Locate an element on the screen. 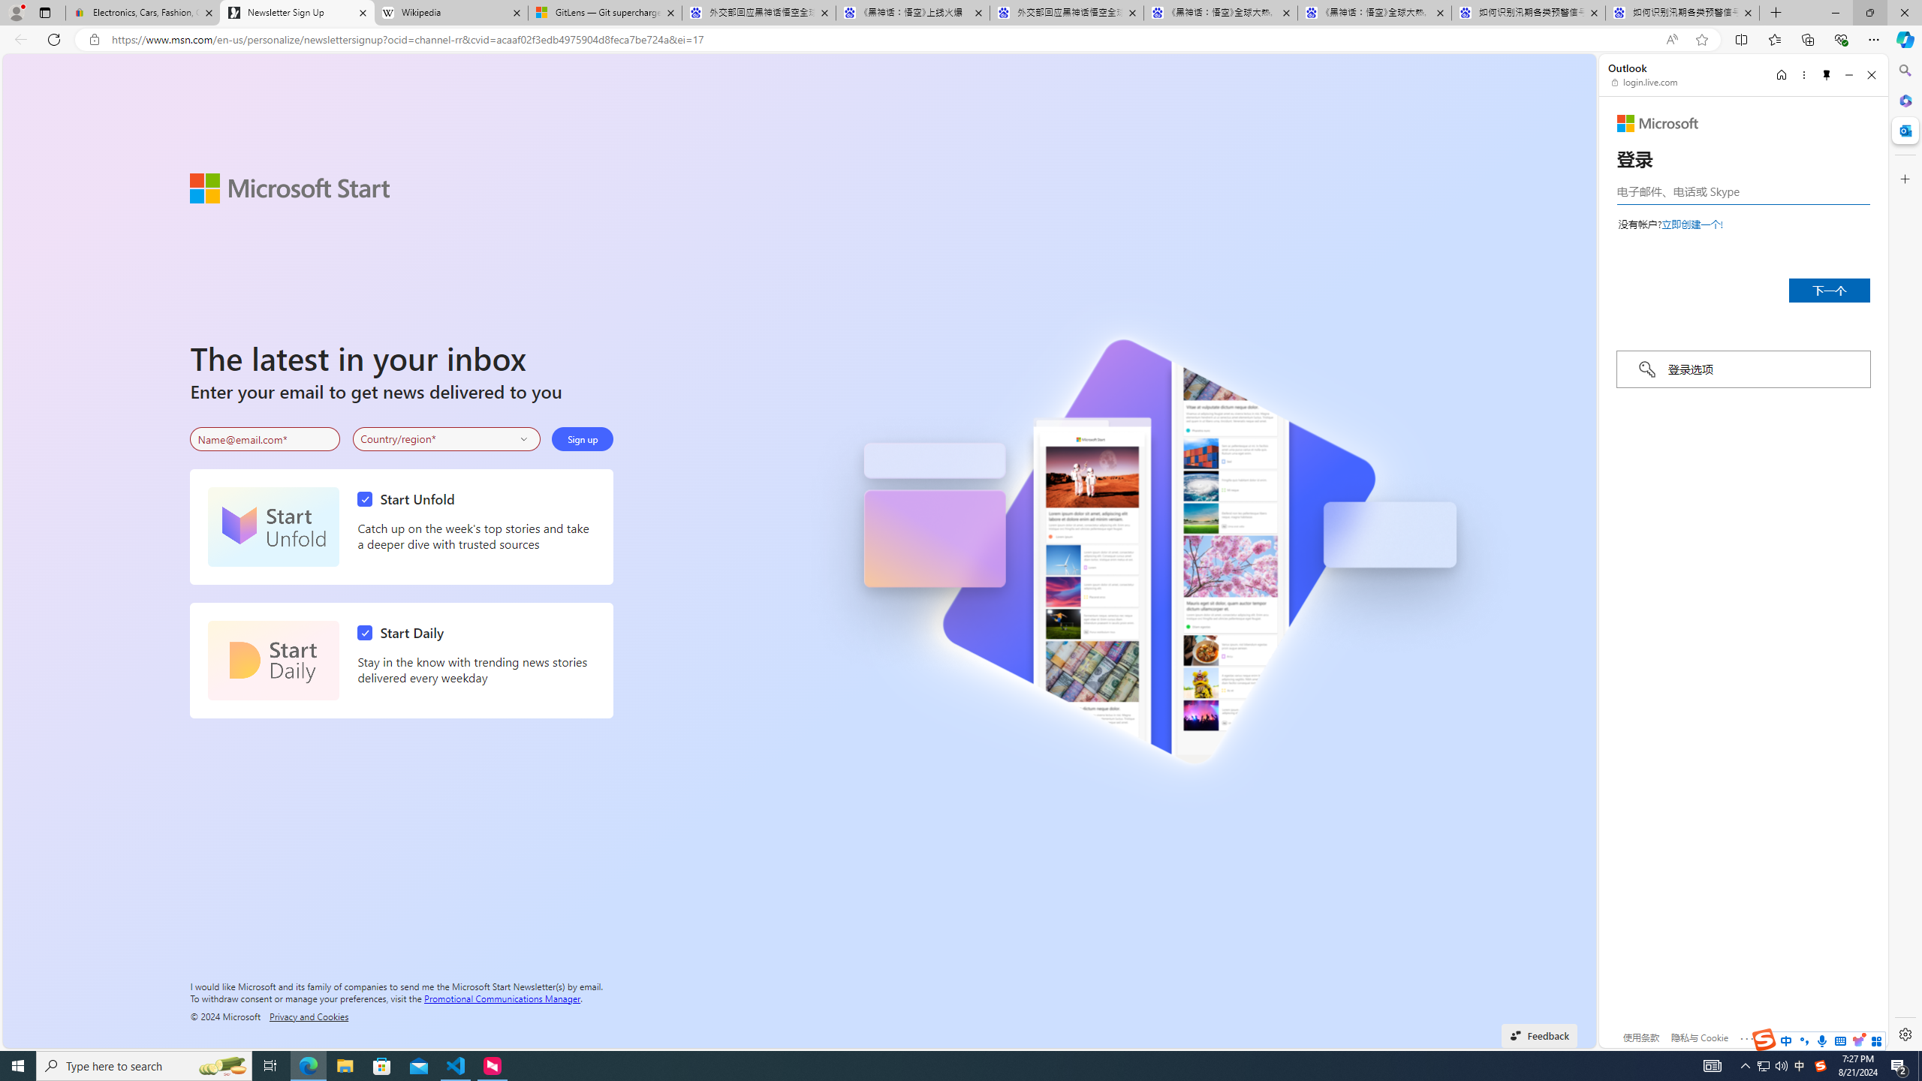 Image resolution: width=1922 pixels, height=1081 pixels. 'Sign up' is located at coordinates (582, 439).